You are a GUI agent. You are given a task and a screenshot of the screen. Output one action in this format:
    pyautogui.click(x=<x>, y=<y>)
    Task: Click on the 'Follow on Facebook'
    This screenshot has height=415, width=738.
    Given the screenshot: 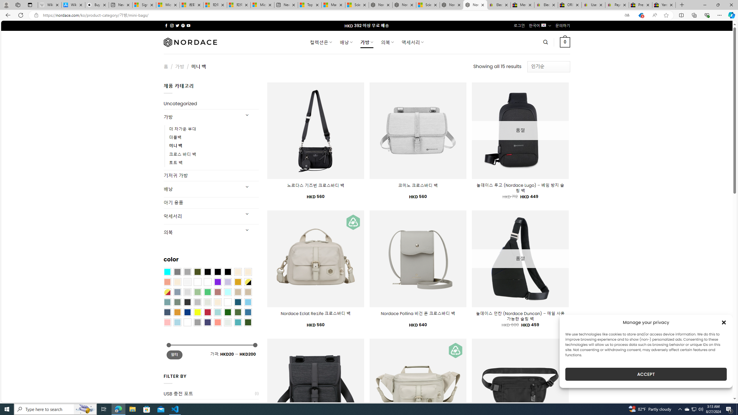 What is the action you would take?
    pyautogui.click(x=166, y=25)
    